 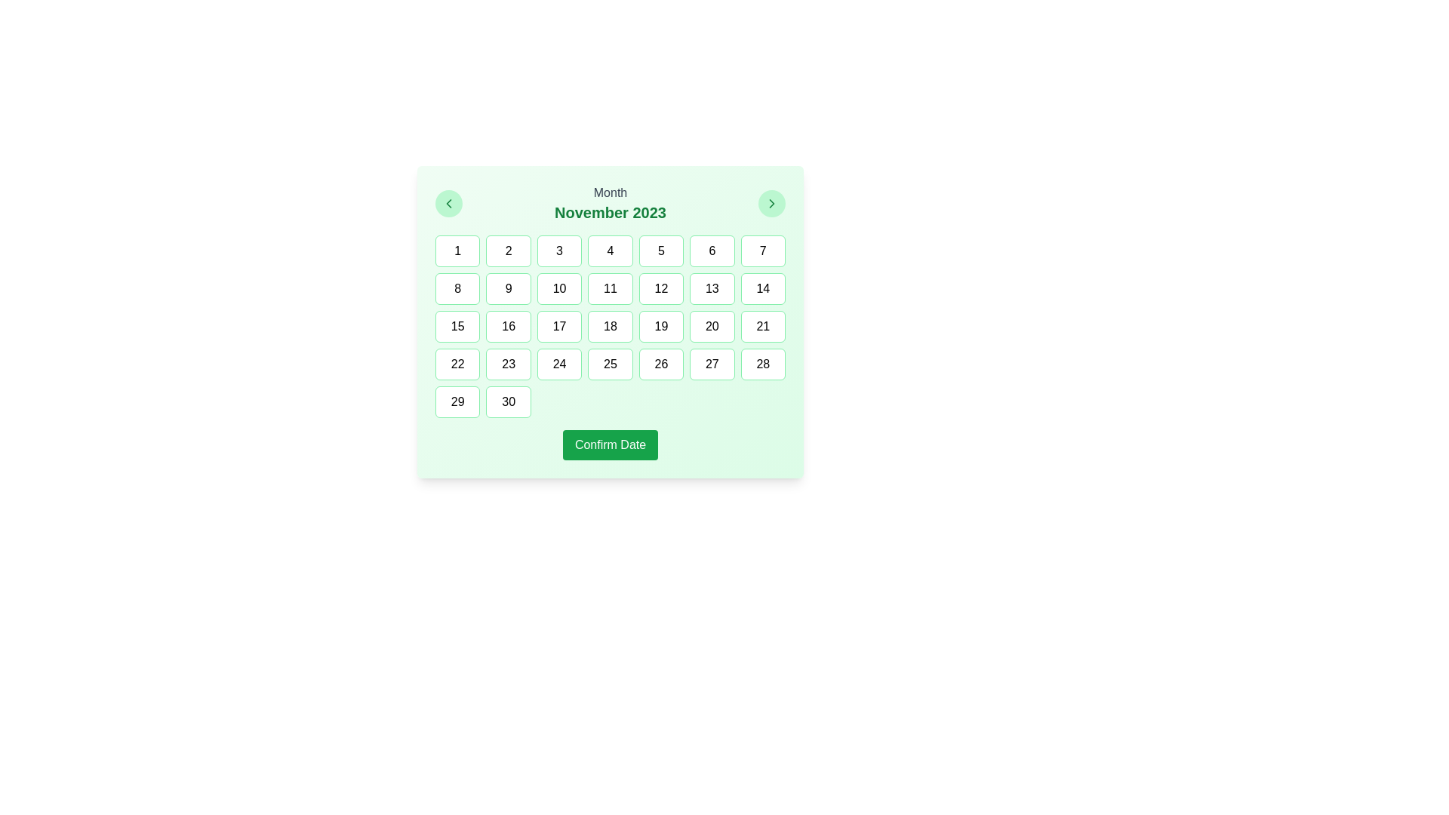 What do you see at coordinates (457, 325) in the screenshot?
I see `the compact square button with the number '15' in bold, which is located in the third row, first column of the calendar grid` at bounding box center [457, 325].